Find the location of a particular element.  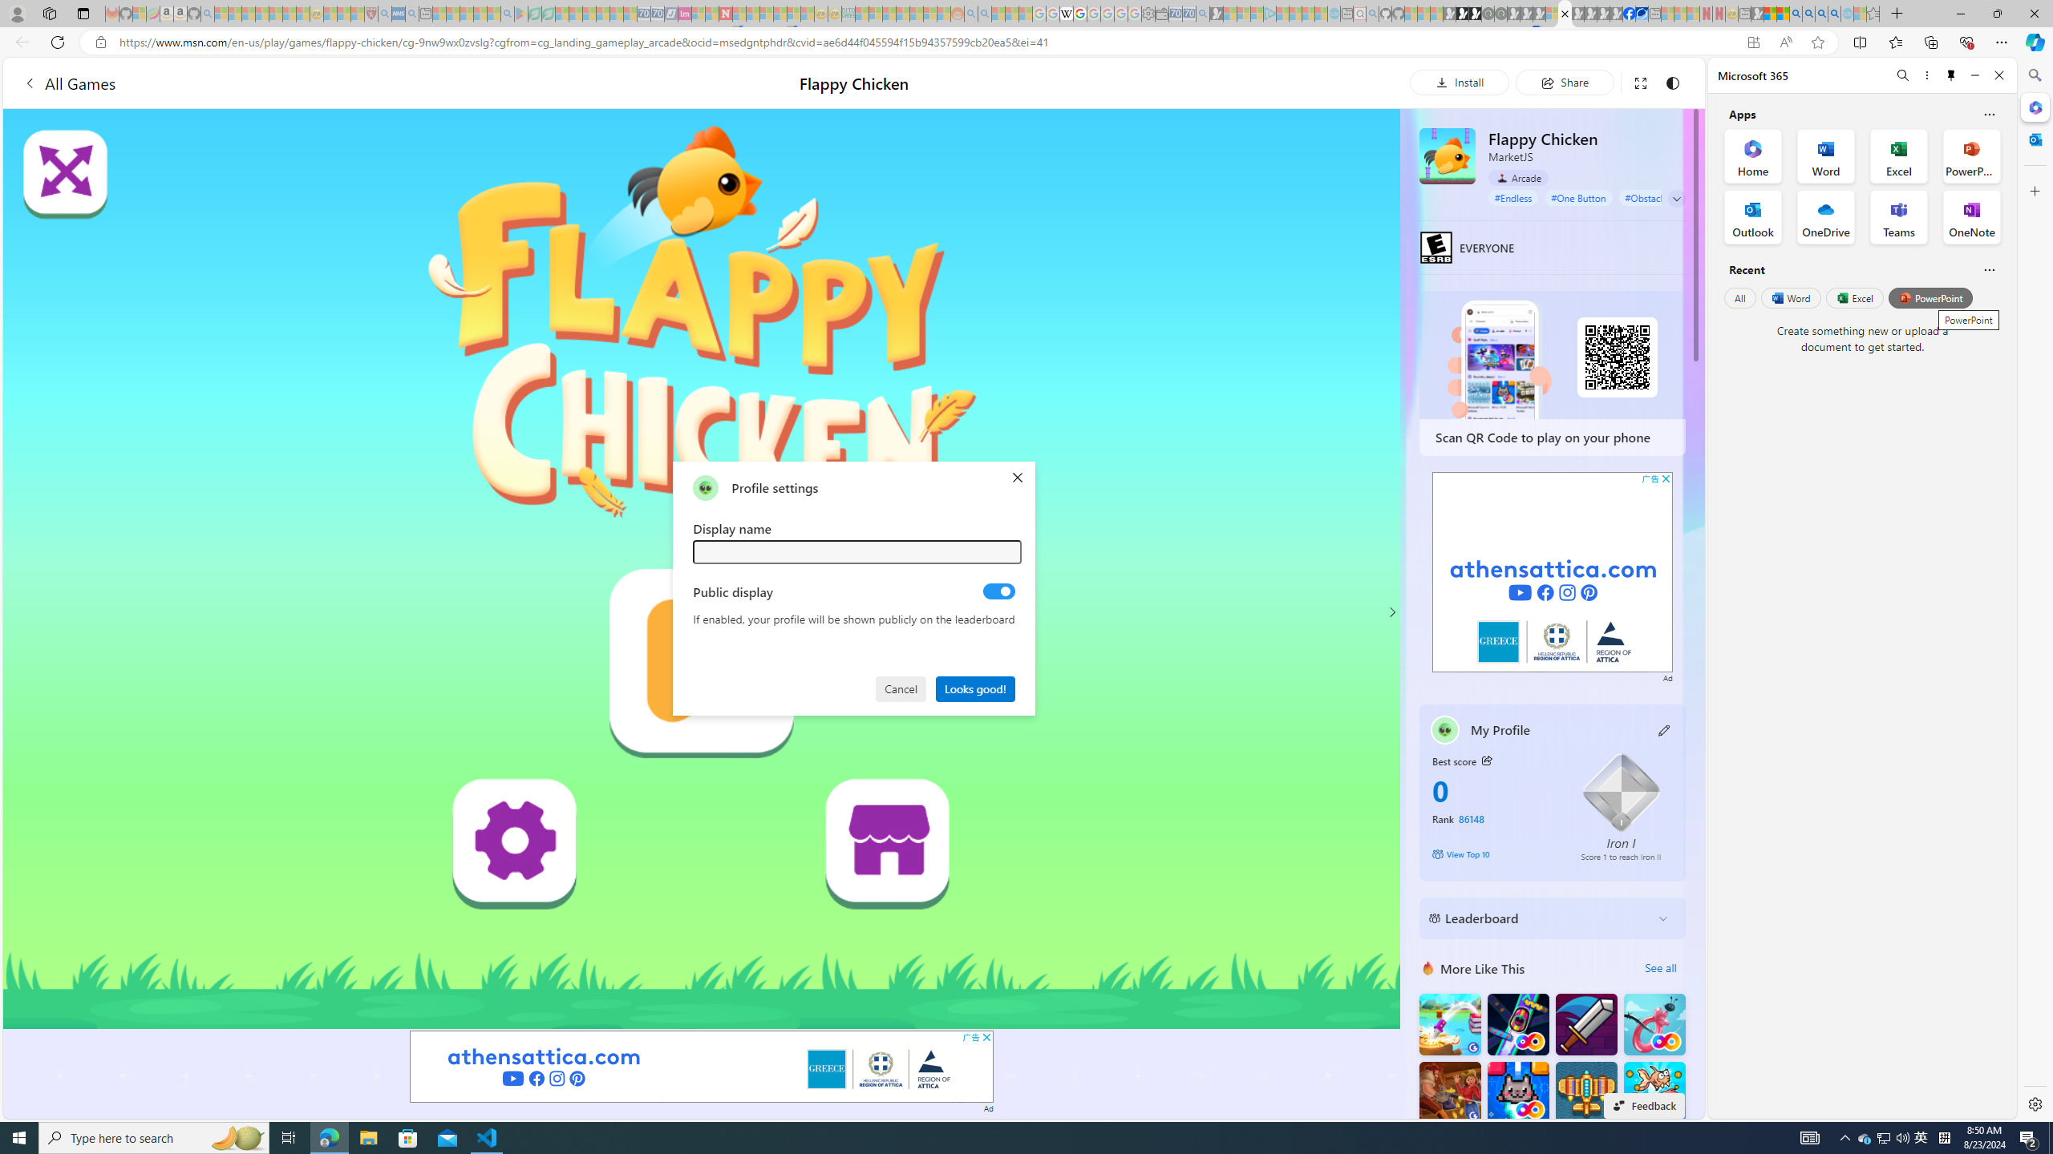

'14 Common Myths Debunked By Scientific Facts - Sleeping' is located at coordinates (751, 13).